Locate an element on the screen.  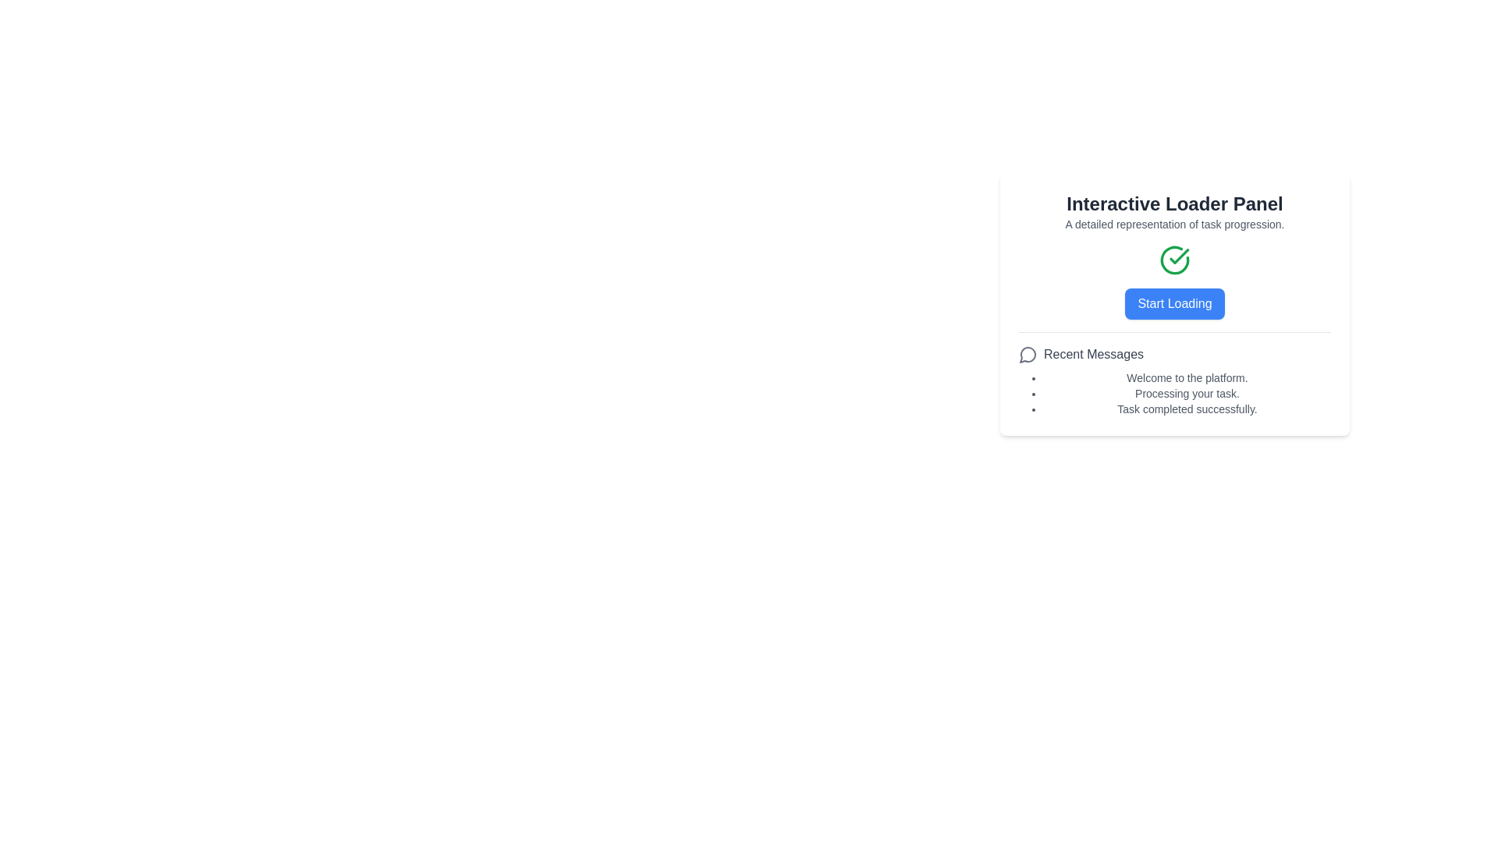
the horizontal separator line positioned under the 'Start Loading' button and above the 'Recent Messages' section to improve content readability is located at coordinates (1175, 331).